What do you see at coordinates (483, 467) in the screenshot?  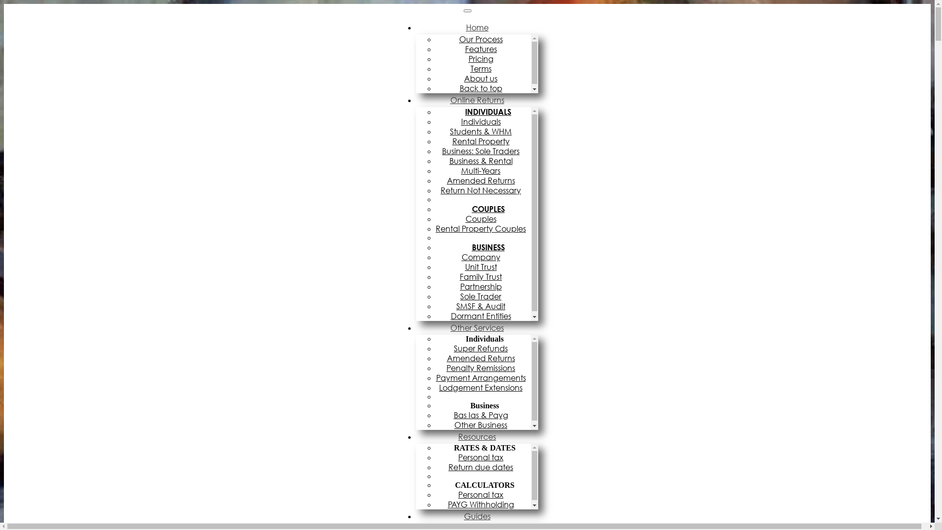 I see `'Return due dates'` at bounding box center [483, 467].